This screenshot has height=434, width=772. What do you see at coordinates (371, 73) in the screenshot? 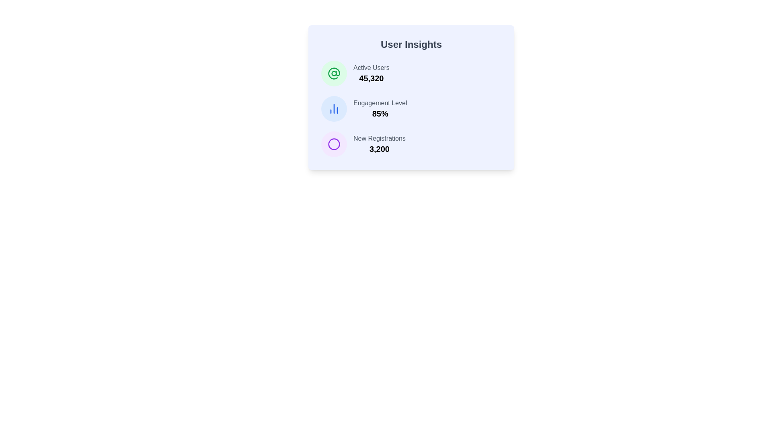
I see `the 'Active Users' text display, which shows the numerical value '45,320' in gray, located in the top-left corner of the User Insights card` at bounding box center [371, 73].